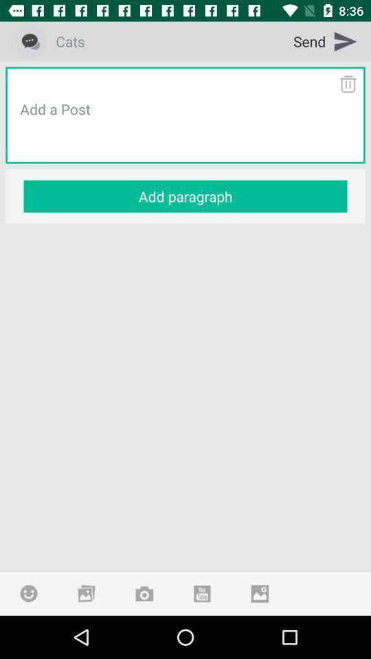 This screenshot has height=659, width=371. Describe the element at coordinates (325, 41) in the screenshot. I see `send` at that location.